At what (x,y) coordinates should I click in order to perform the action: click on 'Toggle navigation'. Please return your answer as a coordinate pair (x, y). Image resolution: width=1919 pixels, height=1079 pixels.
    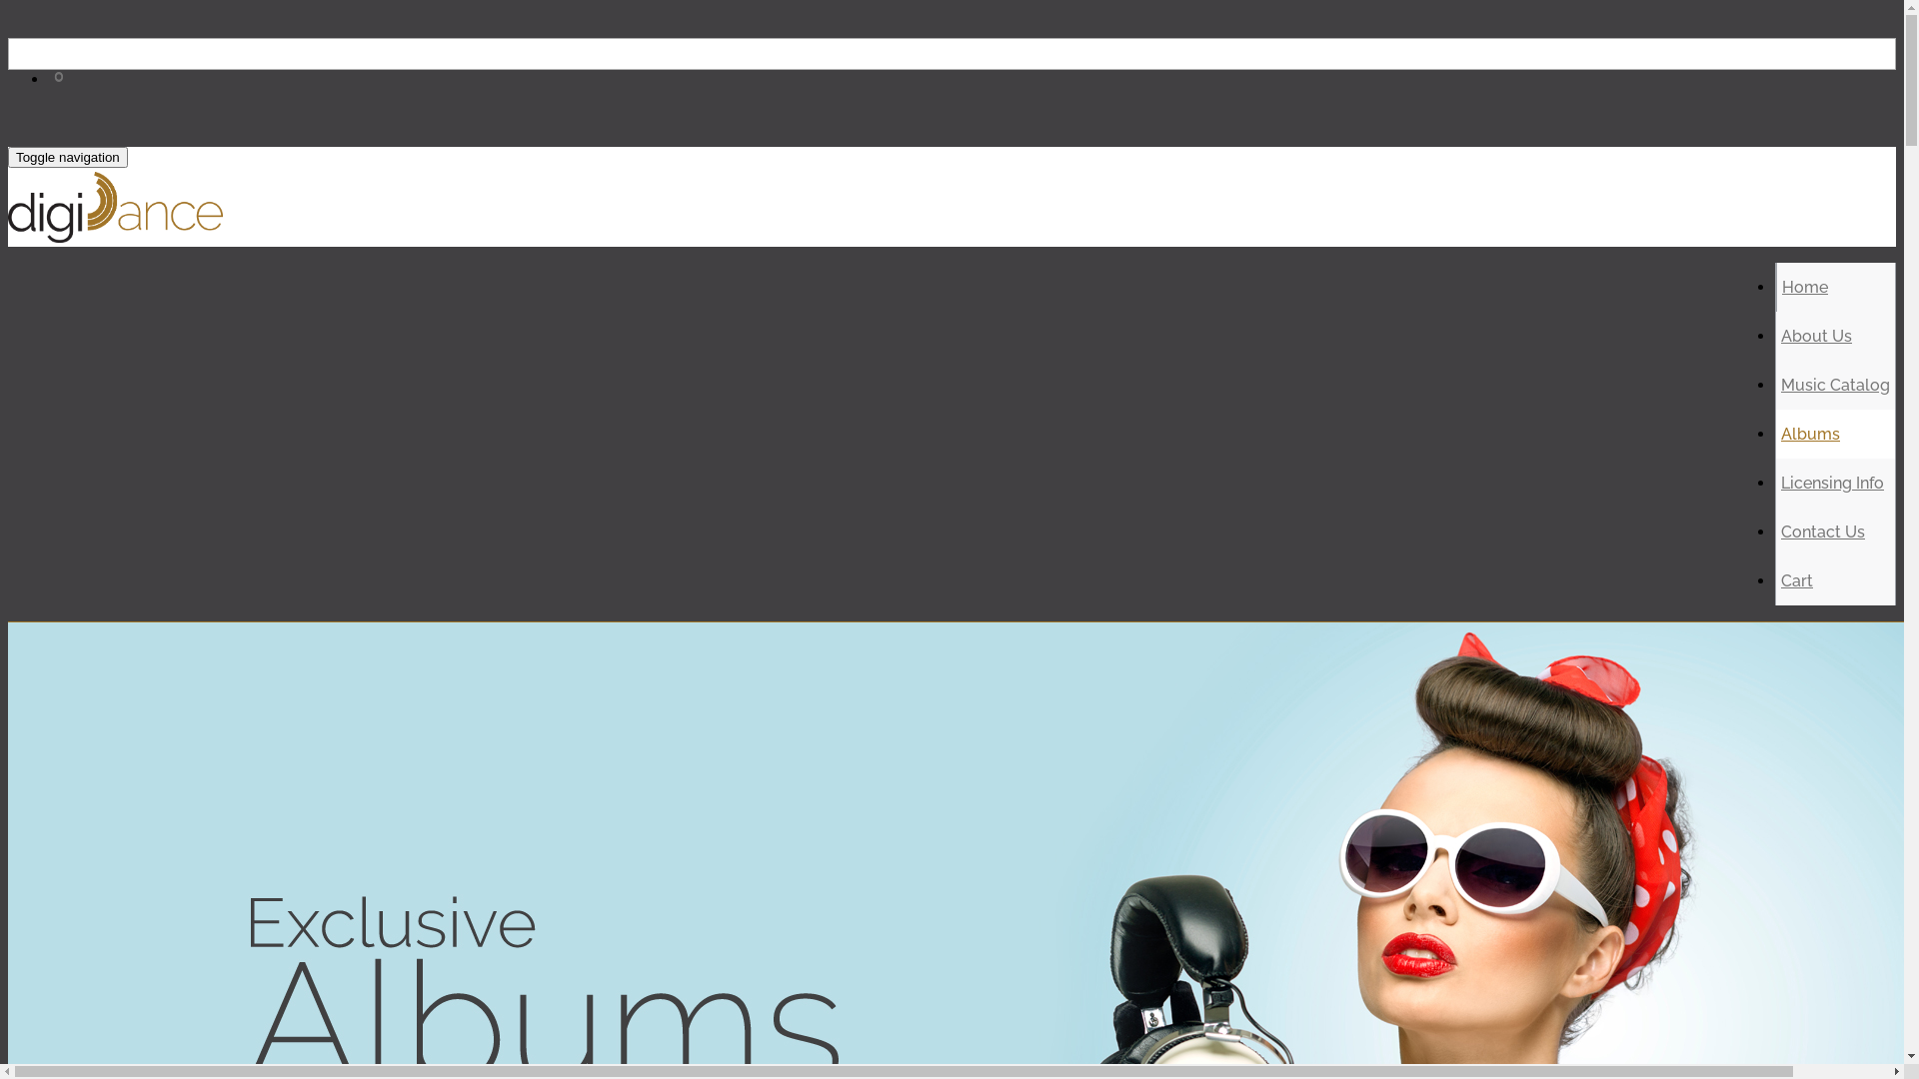
    Looking at the image, I should click on (67, 156).